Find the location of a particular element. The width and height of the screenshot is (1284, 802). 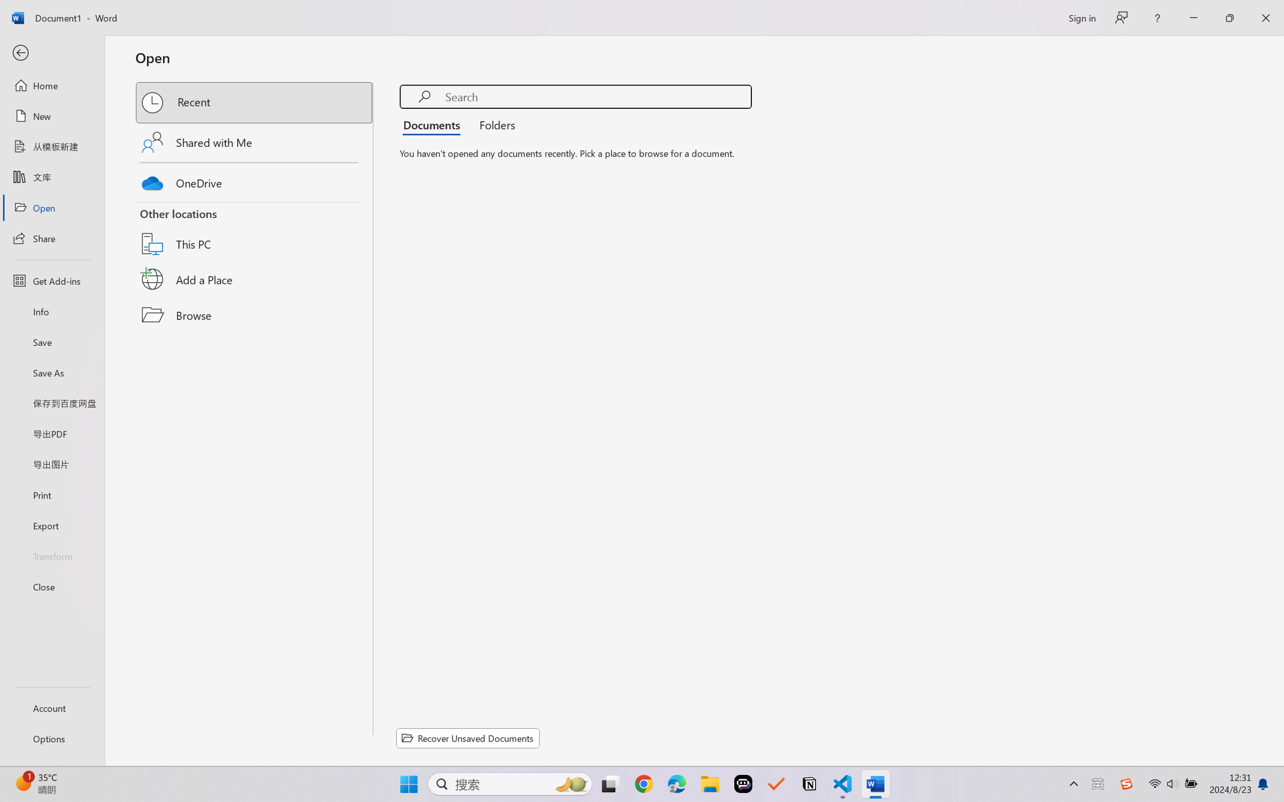

'This PC' is located at coordinates (255, 231).